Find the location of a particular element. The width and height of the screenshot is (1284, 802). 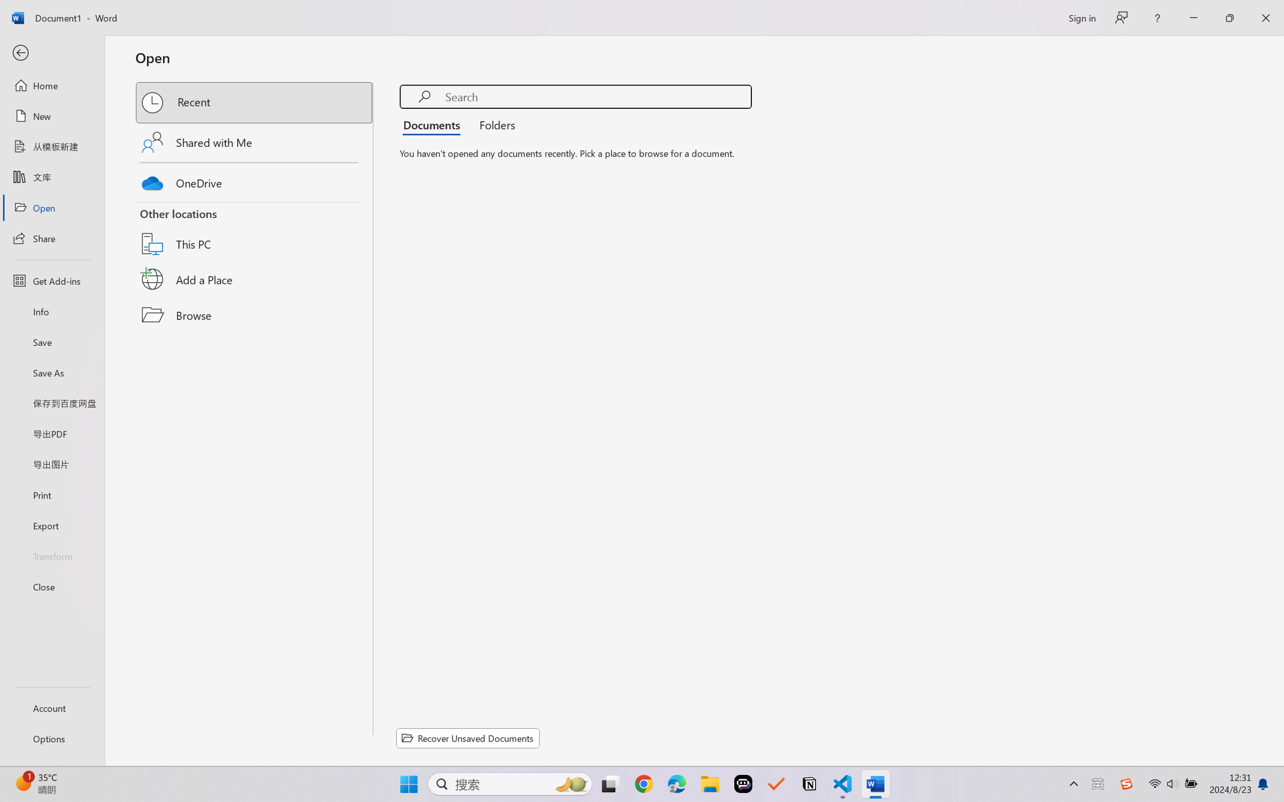

'This PC' is located at coordinates (255, 231).